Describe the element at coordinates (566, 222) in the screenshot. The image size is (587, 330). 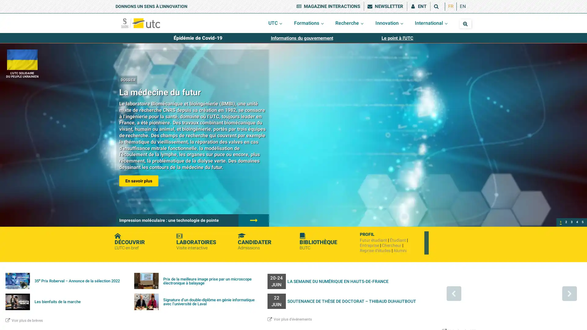
I see `Impression moleculaire : une technologie de pointe` at that location.